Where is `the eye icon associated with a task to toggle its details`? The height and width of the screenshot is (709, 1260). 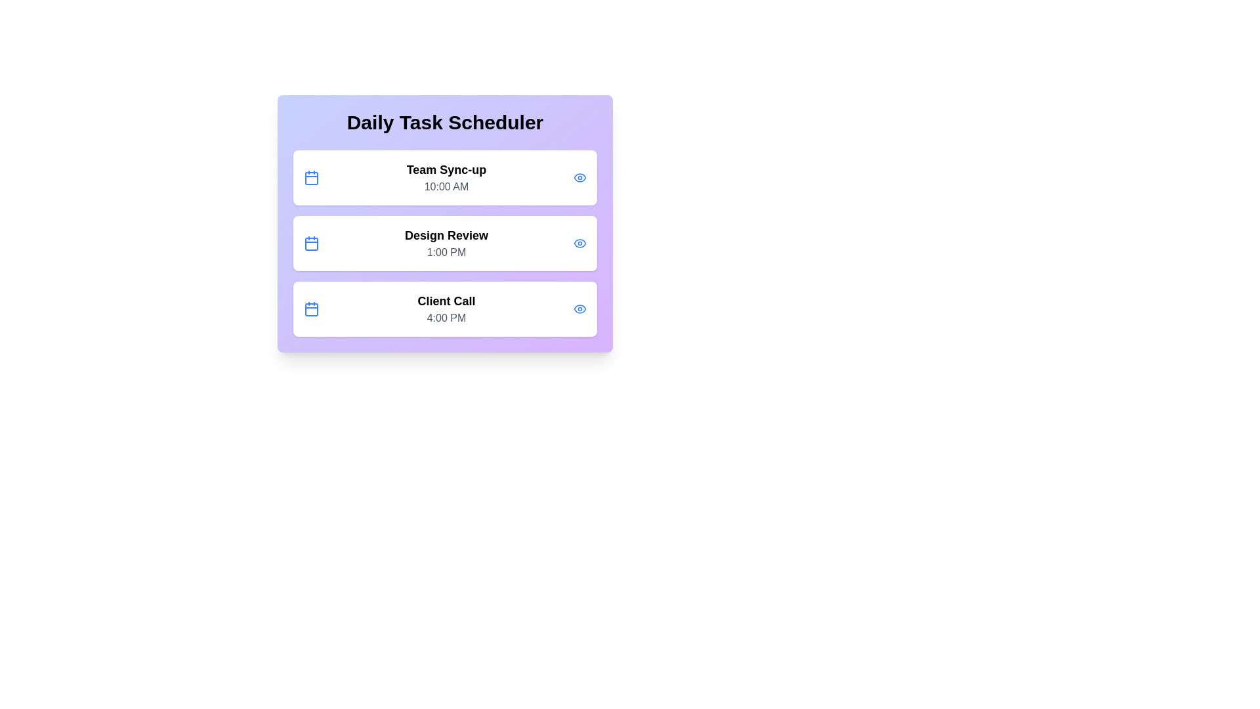
the eye icon associated with a task to toggle its details is located at coordinates (579, 177).